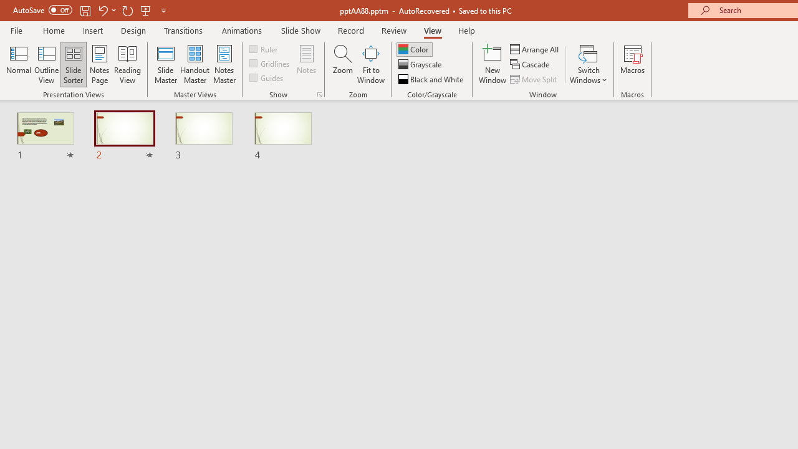  I want to click on 'Zoom...', so click(342, 64).